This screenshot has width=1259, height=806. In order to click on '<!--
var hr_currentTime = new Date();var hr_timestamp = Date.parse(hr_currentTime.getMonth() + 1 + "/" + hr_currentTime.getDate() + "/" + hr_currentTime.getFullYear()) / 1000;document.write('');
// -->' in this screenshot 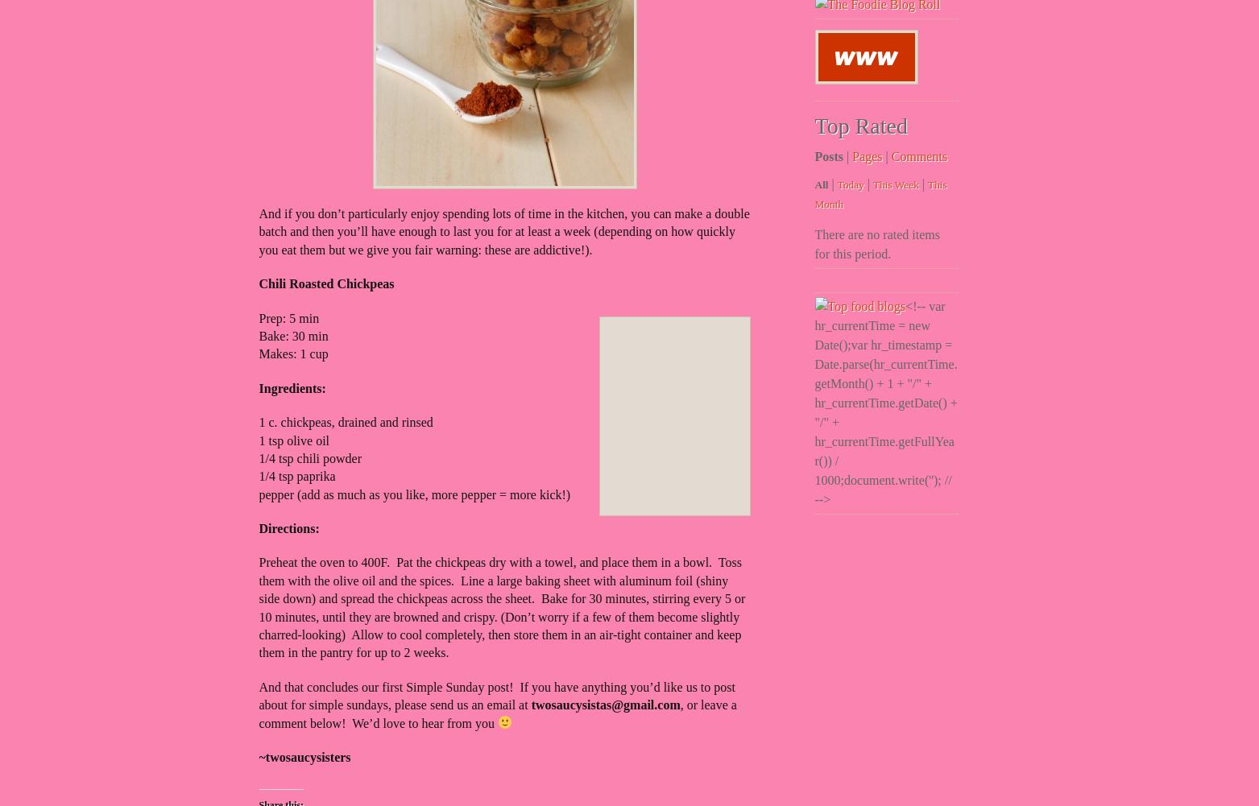, I will do `click(884, 403)`.